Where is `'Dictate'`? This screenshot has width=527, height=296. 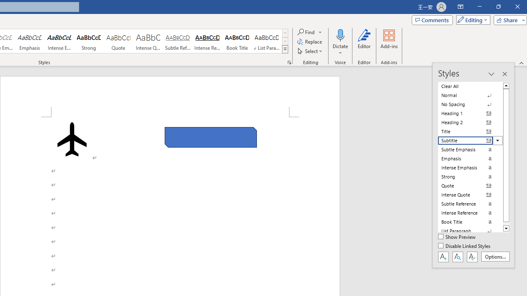 'Dictate' is located at coordinates (340, 35).